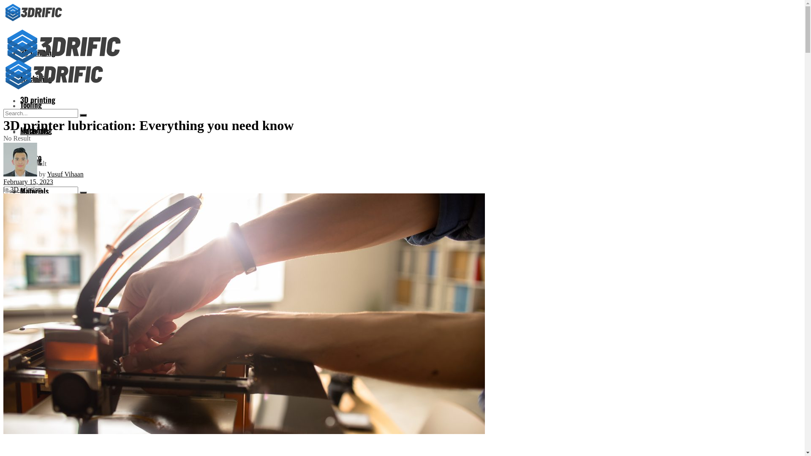 The image size is (811, 456). Describe the element at coordinates (31, 104) in the screenshot. I see `'Tooling'` at that location.